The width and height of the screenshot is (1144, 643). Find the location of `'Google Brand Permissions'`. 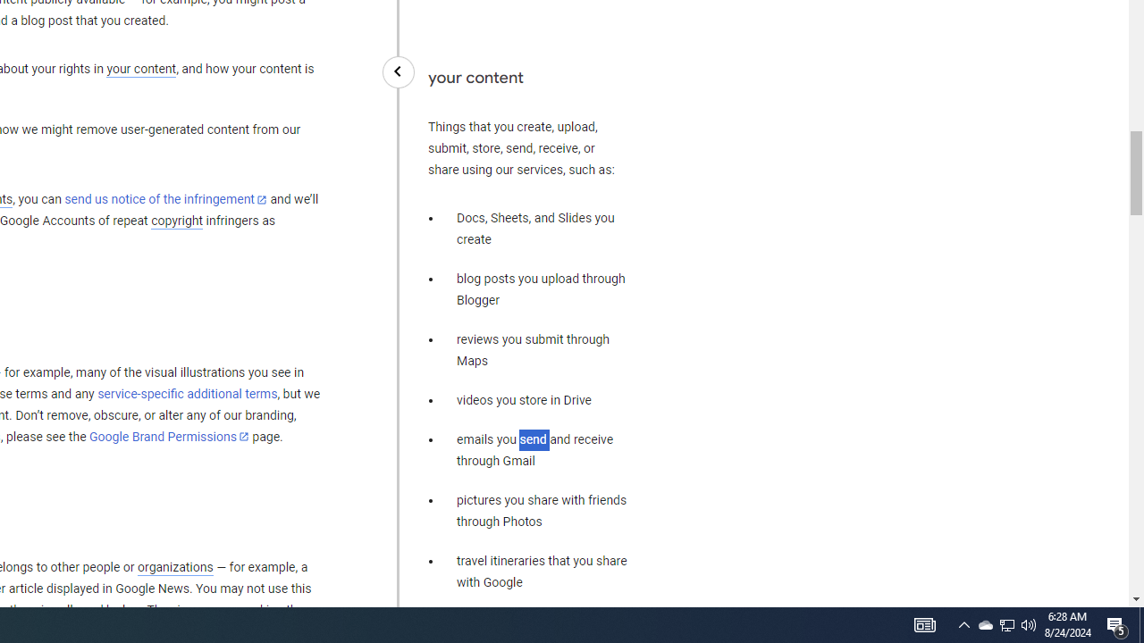

'Google Brand Permissions' is located at coordinates (169, 437).